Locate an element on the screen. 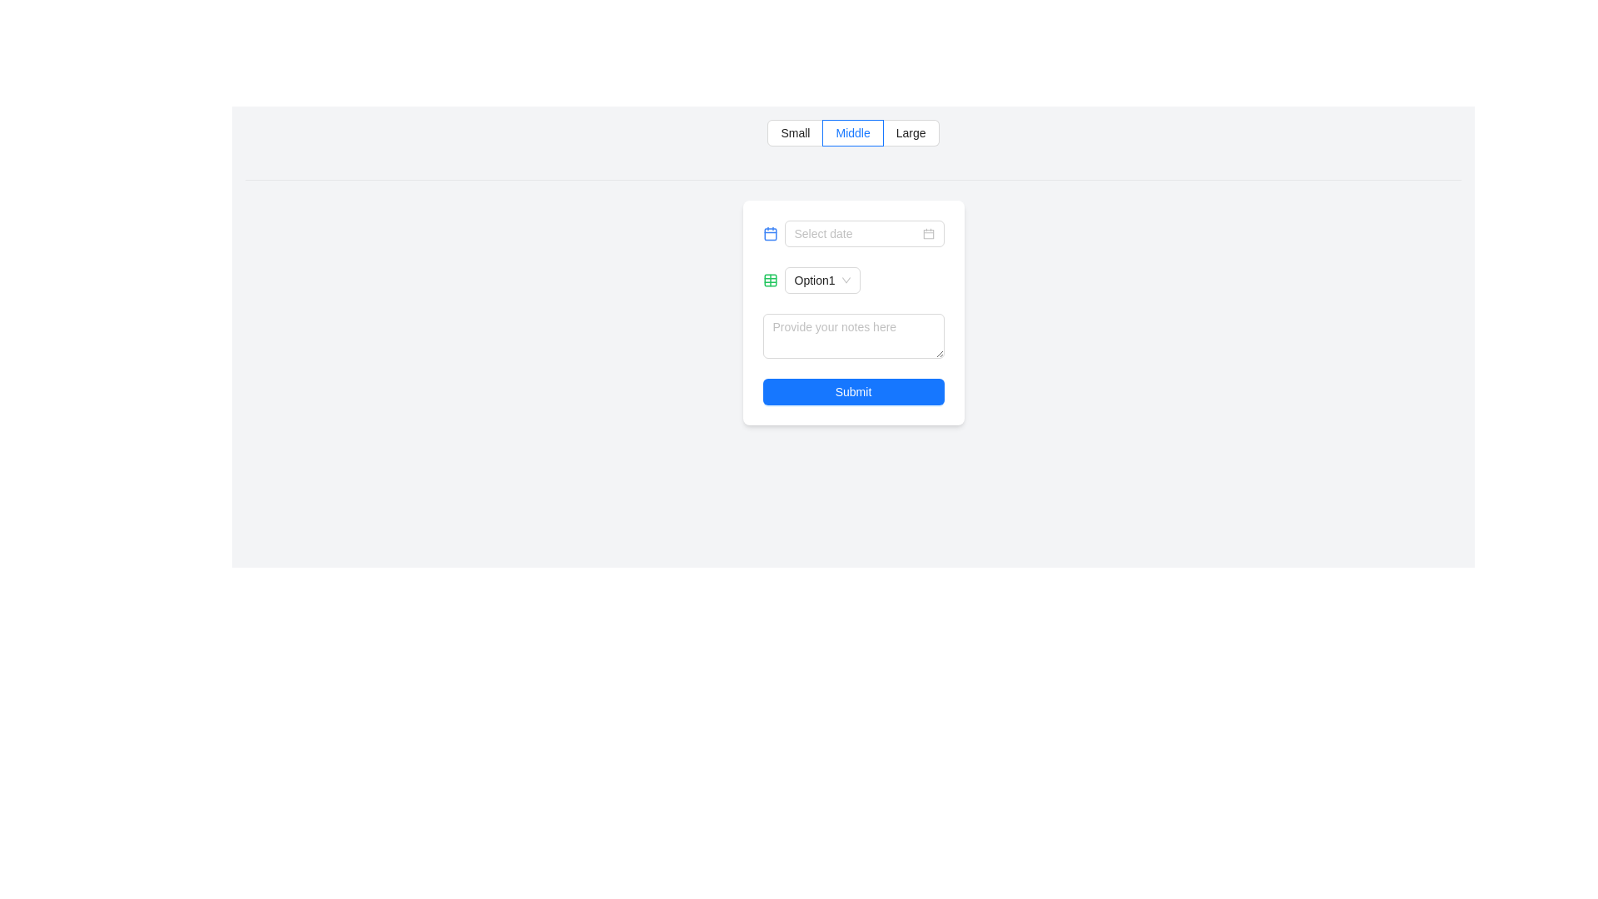 The image size is (1598, 899). the 'Large' size radio button, which is the rightmost item in a group of three horizontally placed radio buttons, located at the top-right section of the interface is located at coordinates (911, 132).